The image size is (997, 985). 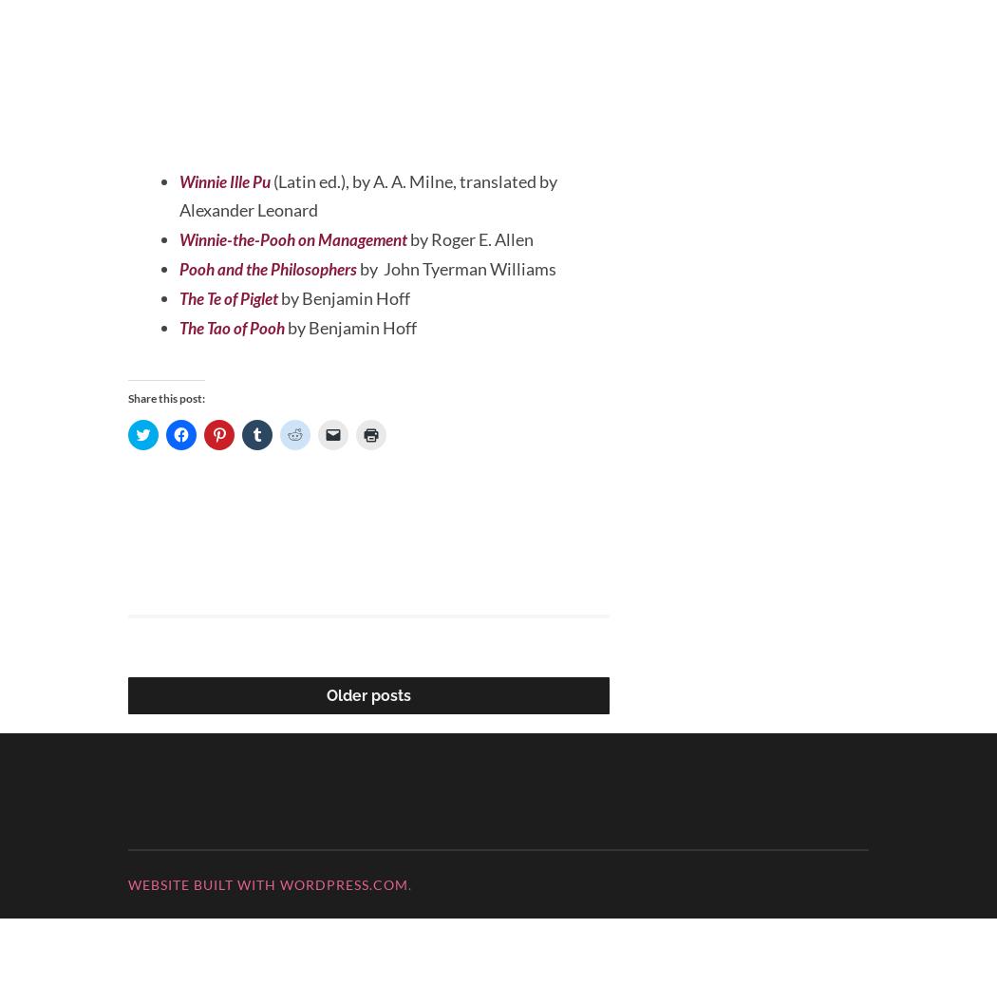 What do you see at coordinates (127, 464) in the screenshot?
I see `'Share this post:'` at bounding box center [127, 464].